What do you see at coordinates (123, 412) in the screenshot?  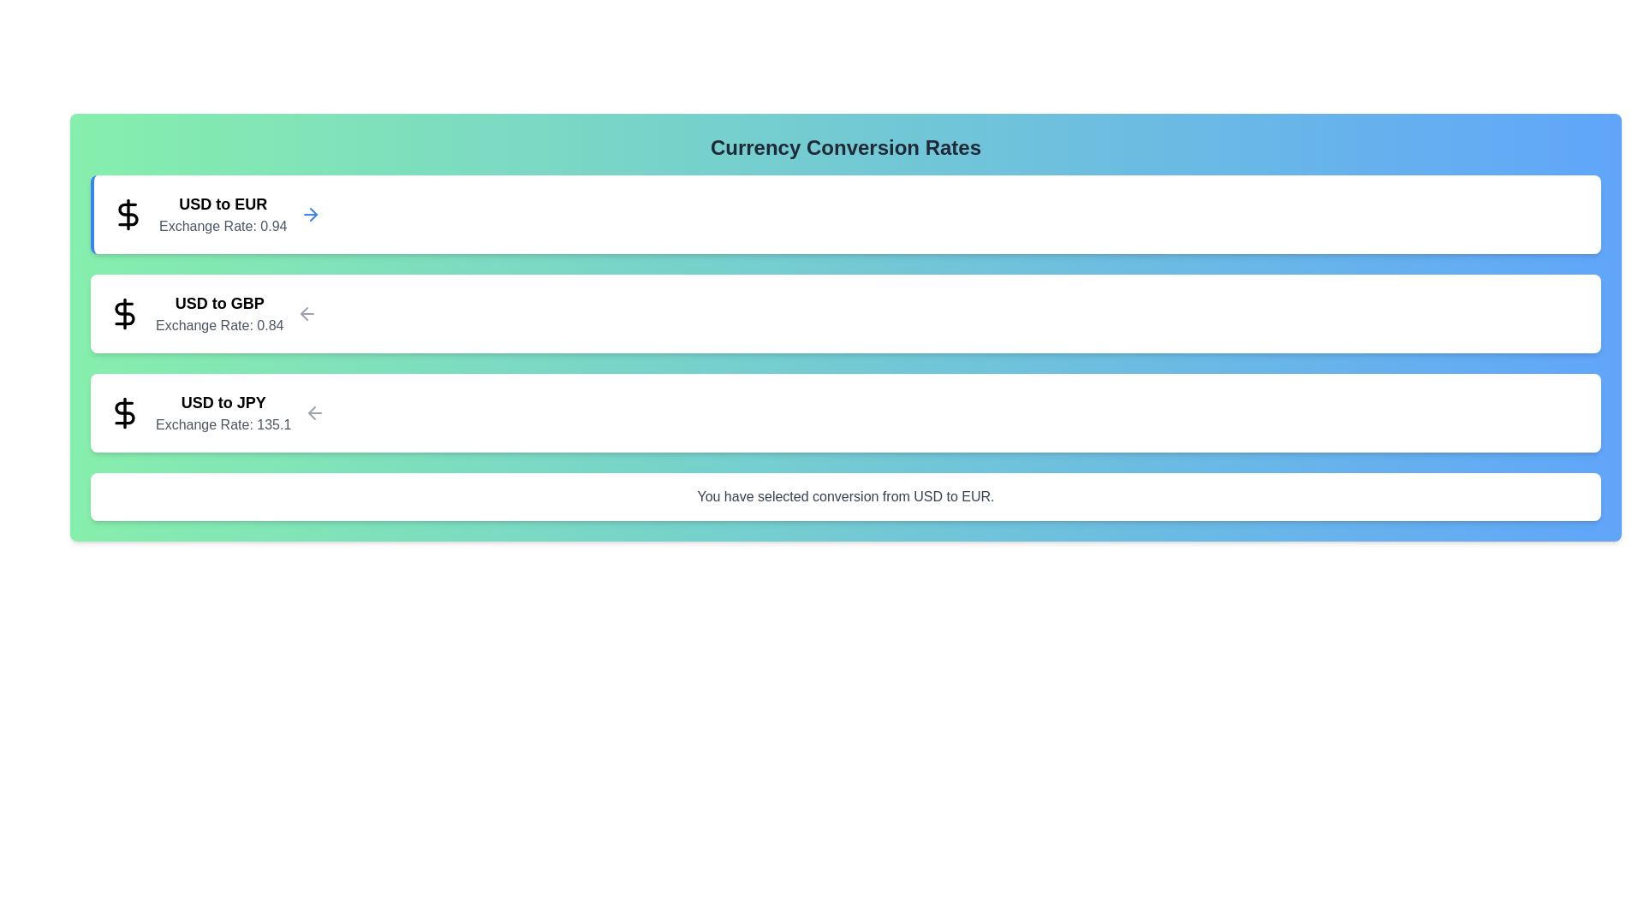 I see `the dollar sign icon in the currency conversion section, specifically in the 'USD to JPY' row, which visually indicates currency conversion rates` at bounding box center [123, 412].